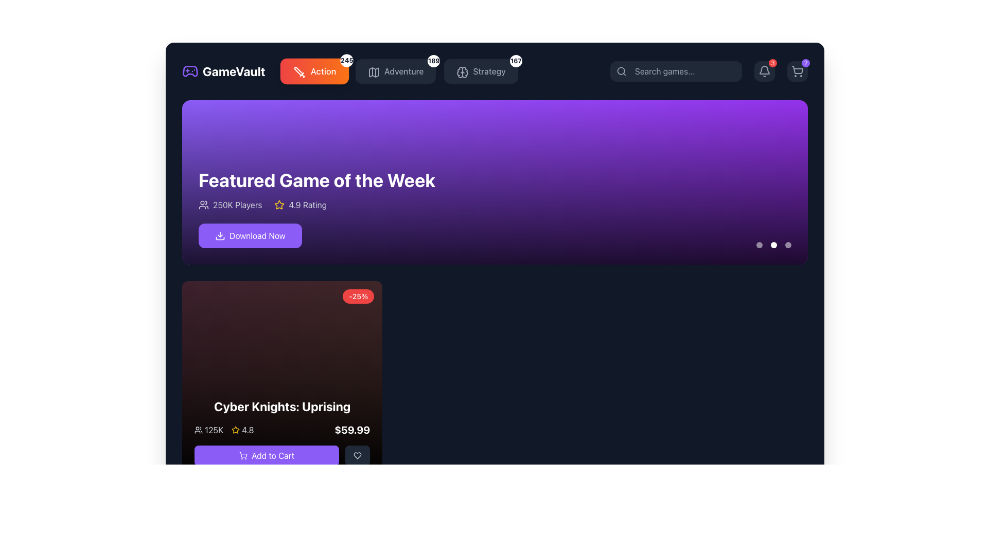  I want to click on the Notification badge located at the top-right edge of the 'Action' button, which indicates updates or content with a count displayed in white against a gradient red and orange background, so click(346, 61).